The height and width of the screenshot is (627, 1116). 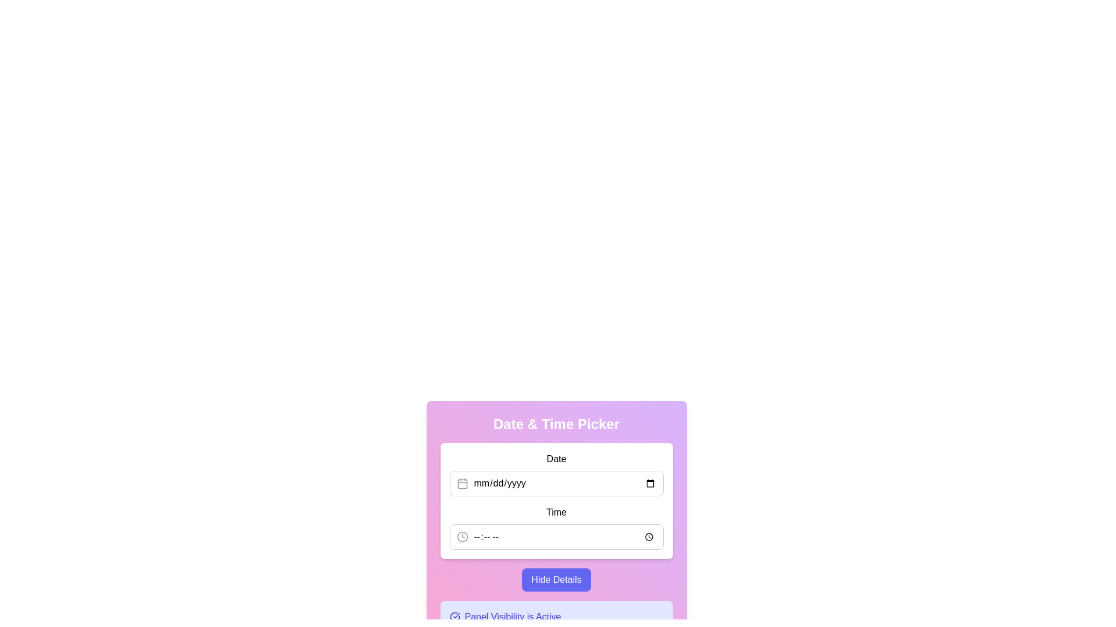 I want to click on the circle that is part of the clock icon located in the second row labeled 'Time' under the 'Date & Time Picker' section, so click(x=462, y=537).